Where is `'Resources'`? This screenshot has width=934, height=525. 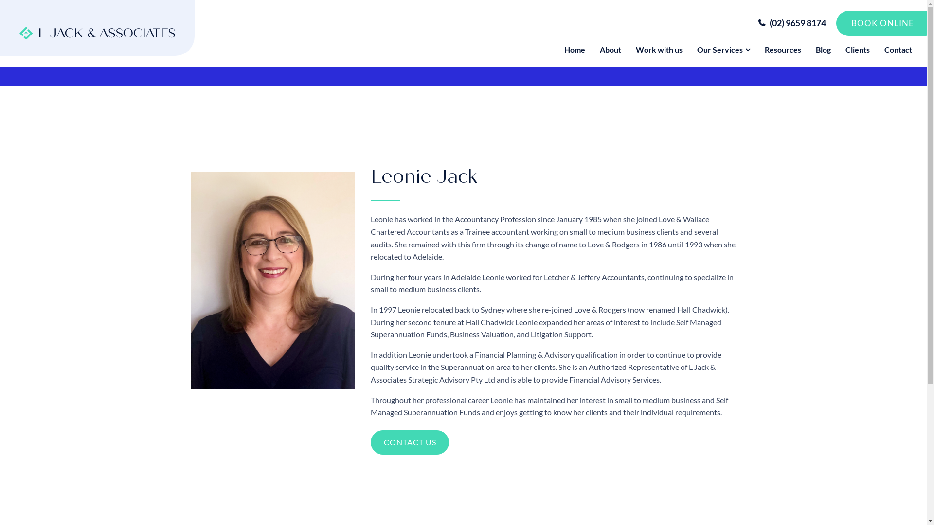 'Resources' is located at coordinates (783, 49).